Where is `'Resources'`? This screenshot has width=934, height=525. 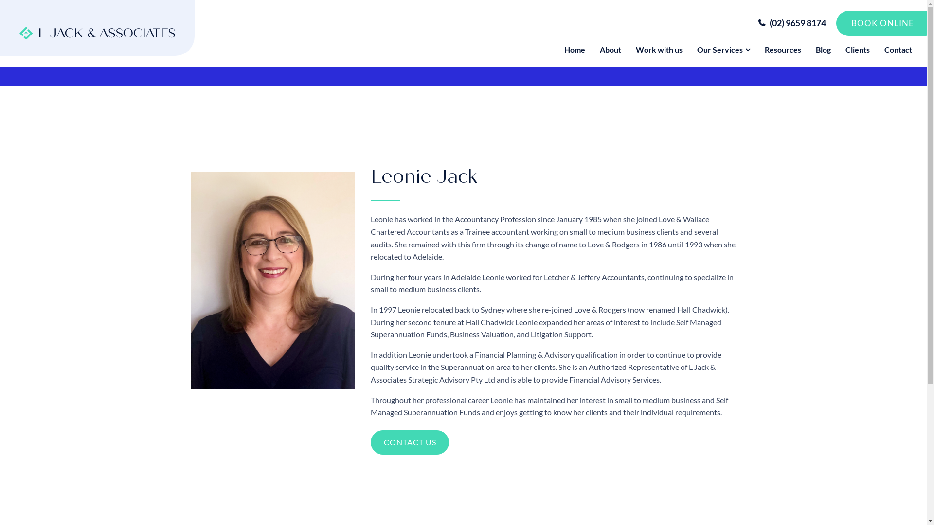 'Resources' is located at coordinates (783, 49).